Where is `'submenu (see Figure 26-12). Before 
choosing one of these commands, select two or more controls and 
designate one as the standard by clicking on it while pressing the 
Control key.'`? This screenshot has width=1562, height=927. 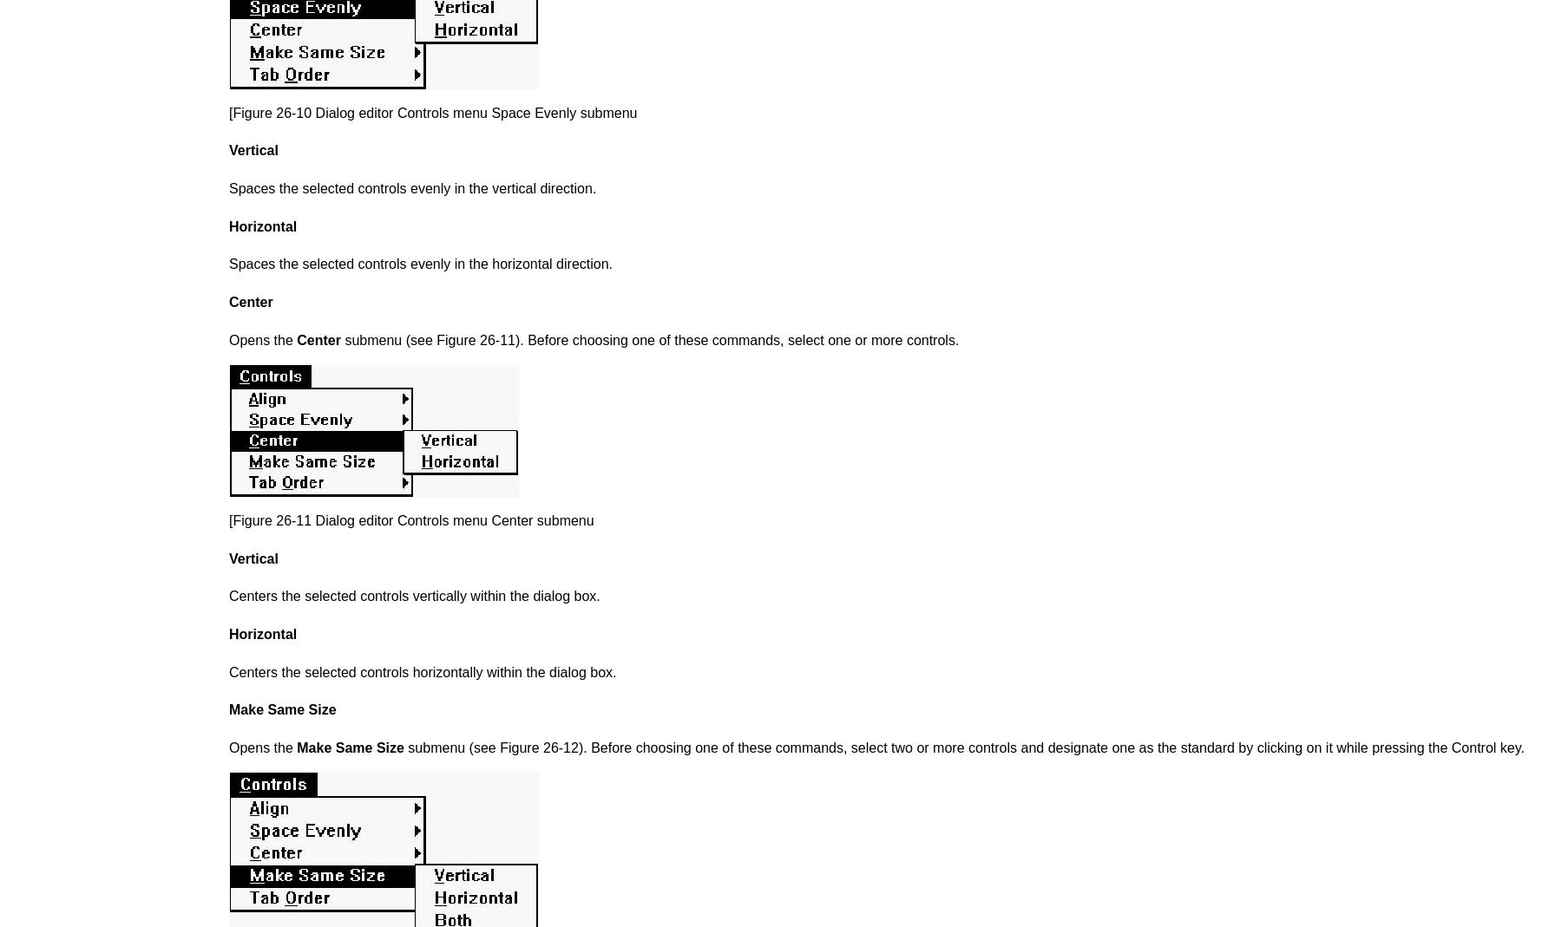 'submenu (see Figure 26-12). Before 
choosing one of these commands, select two or more controls and 
designate one as the standard by clicking on it while pressing the 
Control key.' is located at coordinates (402, 747).